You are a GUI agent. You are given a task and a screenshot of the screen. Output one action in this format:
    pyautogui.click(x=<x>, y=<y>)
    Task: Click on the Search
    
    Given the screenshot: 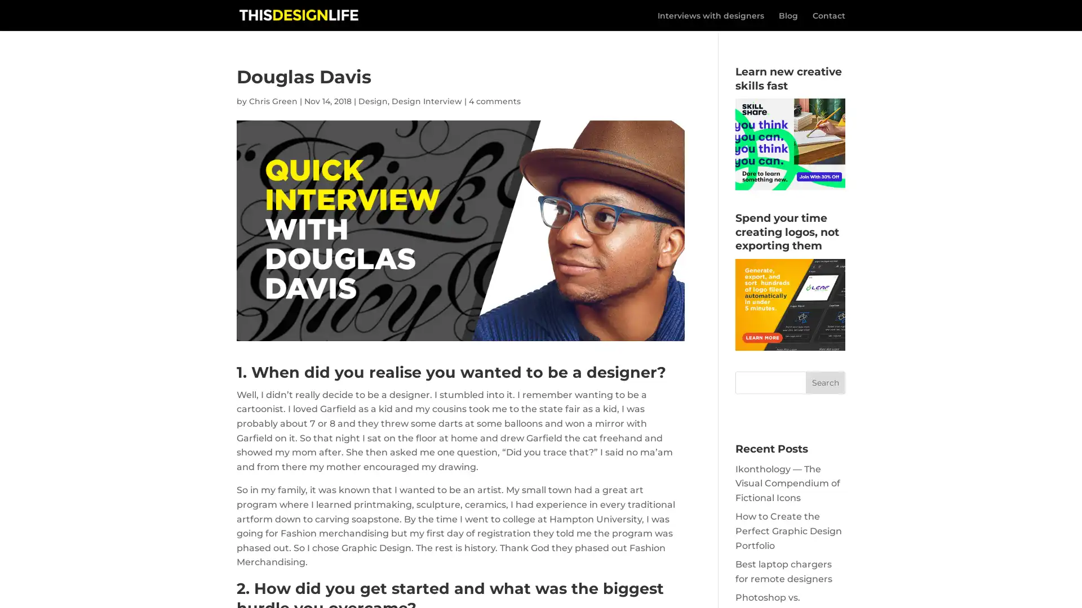 What is the action you would take?
    pyautogui.click(x=825, y=382)
    